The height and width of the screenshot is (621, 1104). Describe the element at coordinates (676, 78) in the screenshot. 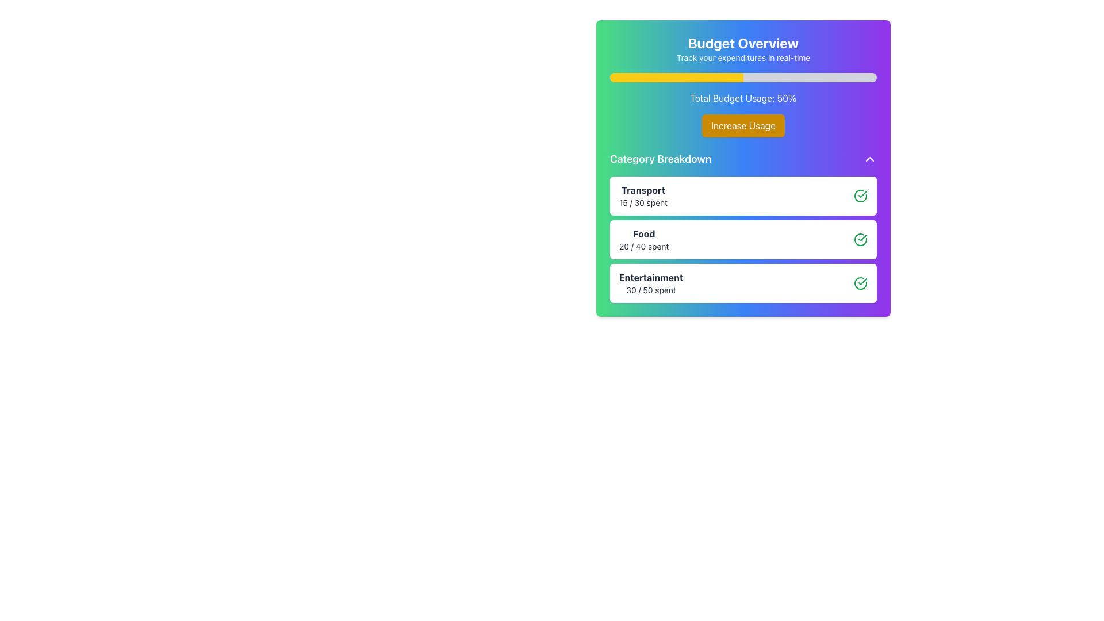

I see `the yellow progress indicator that visually represents 50% completion within the progress bar located underneath the 'Track your expenditures in real-time' text` at that location.